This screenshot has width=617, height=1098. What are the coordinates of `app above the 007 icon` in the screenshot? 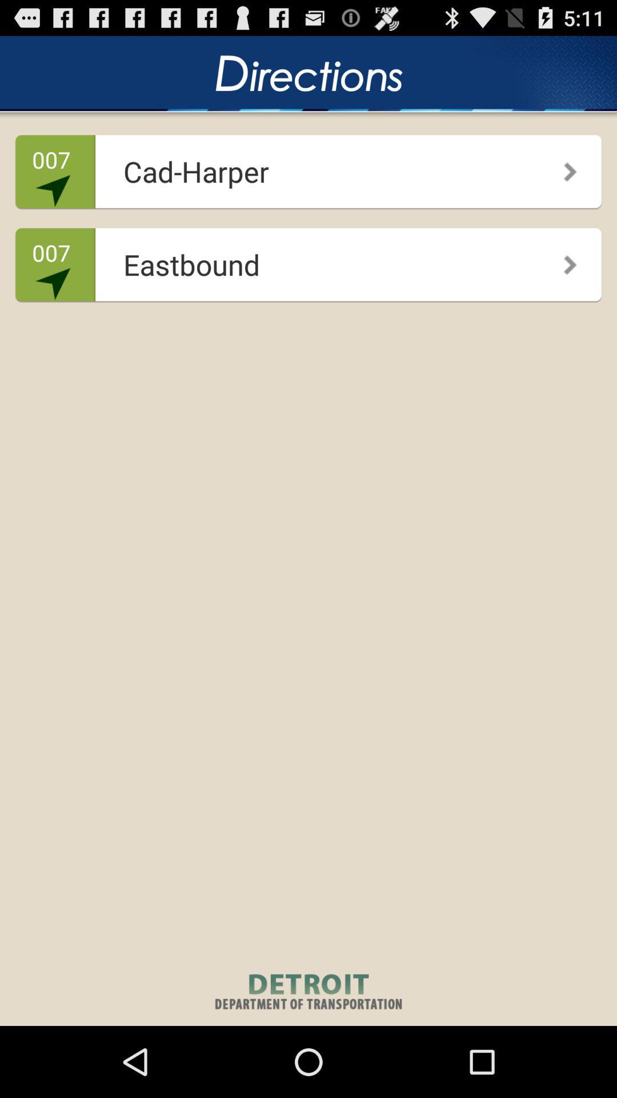 It's located at (305, 167).